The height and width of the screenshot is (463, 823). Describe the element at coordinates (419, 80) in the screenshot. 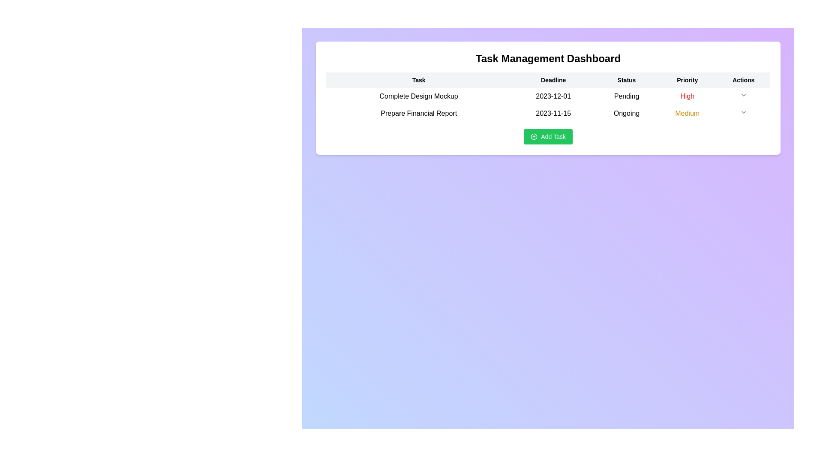

I see `the 'Task' header text element, which is the leftmost title in the header row of a table, displayed in bold black font against a light gray background` at that location.